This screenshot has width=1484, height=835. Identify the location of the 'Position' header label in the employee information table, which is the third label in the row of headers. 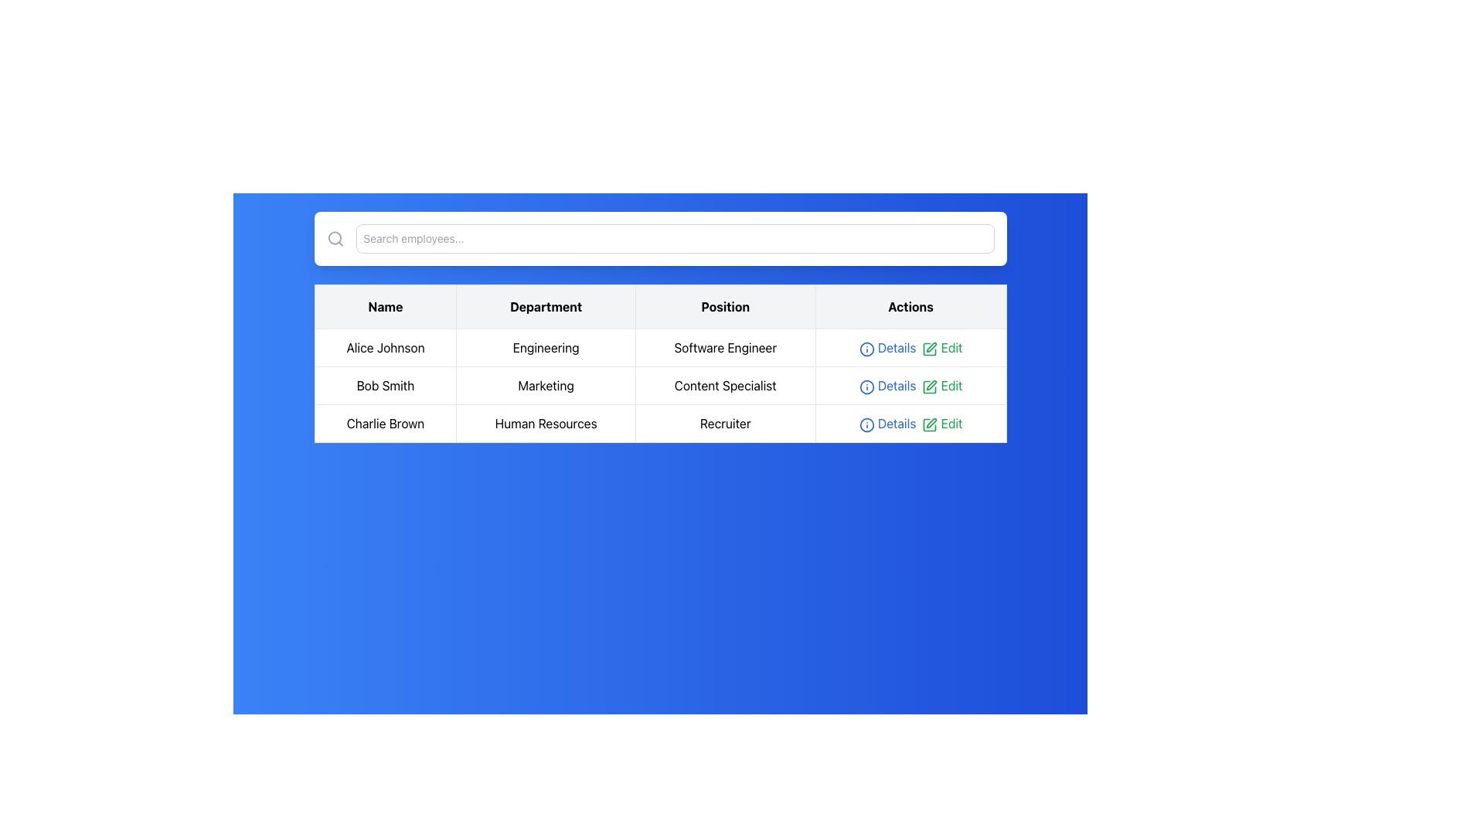
(724, 307).